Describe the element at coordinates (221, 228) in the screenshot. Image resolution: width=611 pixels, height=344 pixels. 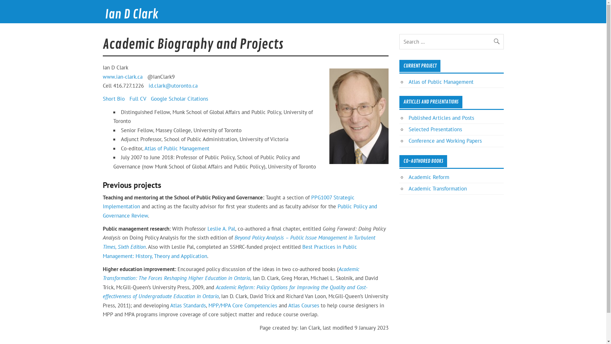
I see `'Leslie A. Pal'` at that location.